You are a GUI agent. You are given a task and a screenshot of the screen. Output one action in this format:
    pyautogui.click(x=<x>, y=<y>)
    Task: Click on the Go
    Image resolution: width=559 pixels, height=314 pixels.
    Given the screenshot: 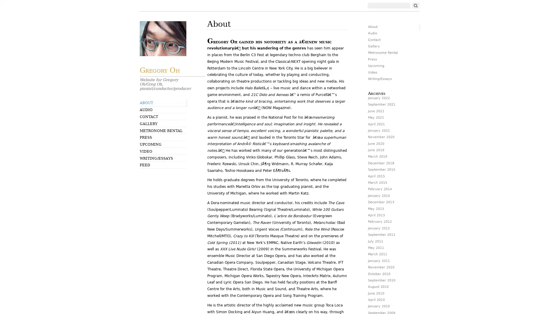 What is the action you would take?
    pyautogui.click(x=415, y=6)
    